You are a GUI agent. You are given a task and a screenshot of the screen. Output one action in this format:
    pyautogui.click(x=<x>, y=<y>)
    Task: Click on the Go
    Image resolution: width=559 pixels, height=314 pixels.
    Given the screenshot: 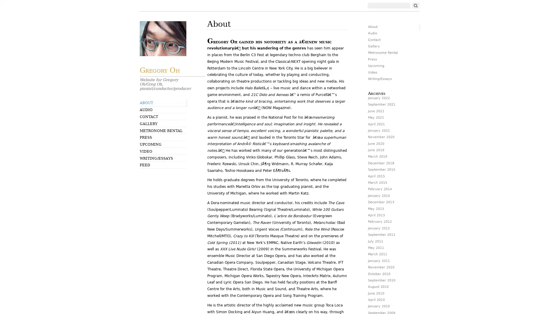 What is the action you would take?
    pyautogui.click(x=415, y=6)
    